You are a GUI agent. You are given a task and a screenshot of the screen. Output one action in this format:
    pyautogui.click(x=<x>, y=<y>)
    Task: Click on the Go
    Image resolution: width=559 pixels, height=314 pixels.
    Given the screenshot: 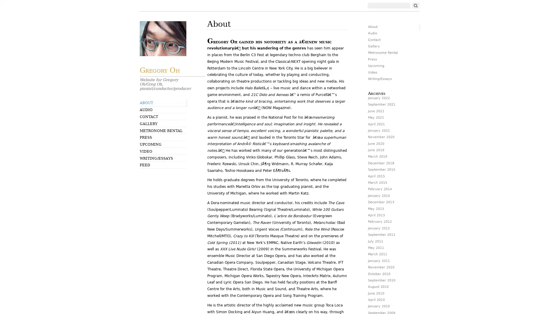 What is the action you would take?
    pyautogui.click(x=415, y=6)
    